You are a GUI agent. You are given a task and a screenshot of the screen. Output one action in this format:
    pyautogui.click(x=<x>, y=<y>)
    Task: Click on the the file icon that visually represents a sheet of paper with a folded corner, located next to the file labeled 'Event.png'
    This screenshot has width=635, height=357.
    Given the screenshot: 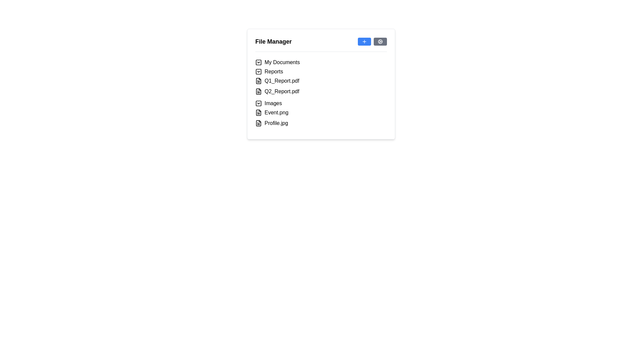 What is the action you would take?
    pyautogui.click(x=258, y=112)
    